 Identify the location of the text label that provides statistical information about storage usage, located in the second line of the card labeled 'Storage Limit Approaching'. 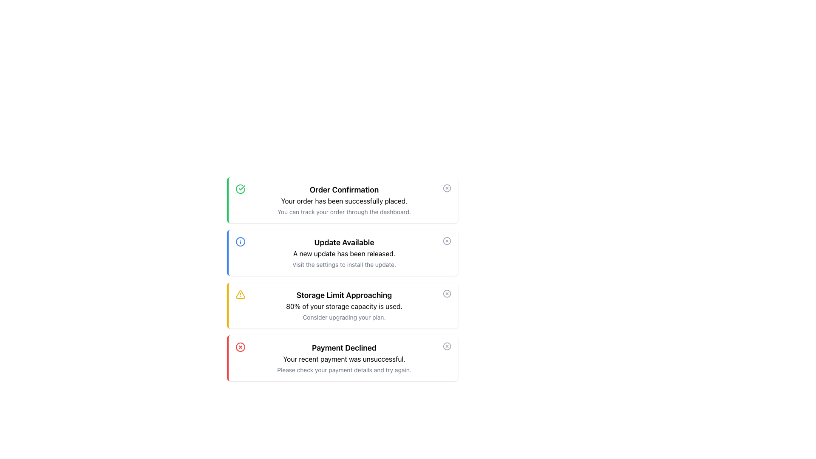
(344, 306).